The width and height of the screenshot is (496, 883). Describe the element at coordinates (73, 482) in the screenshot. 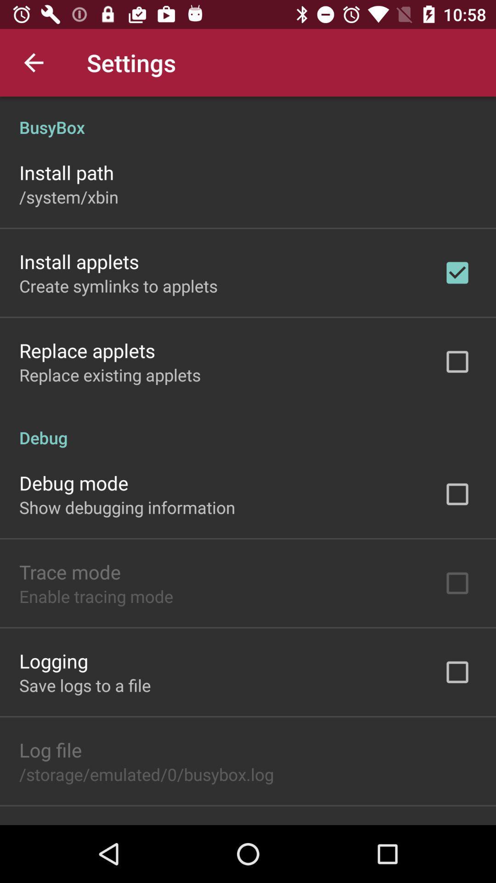

I see `the icon below debug item` at that location.